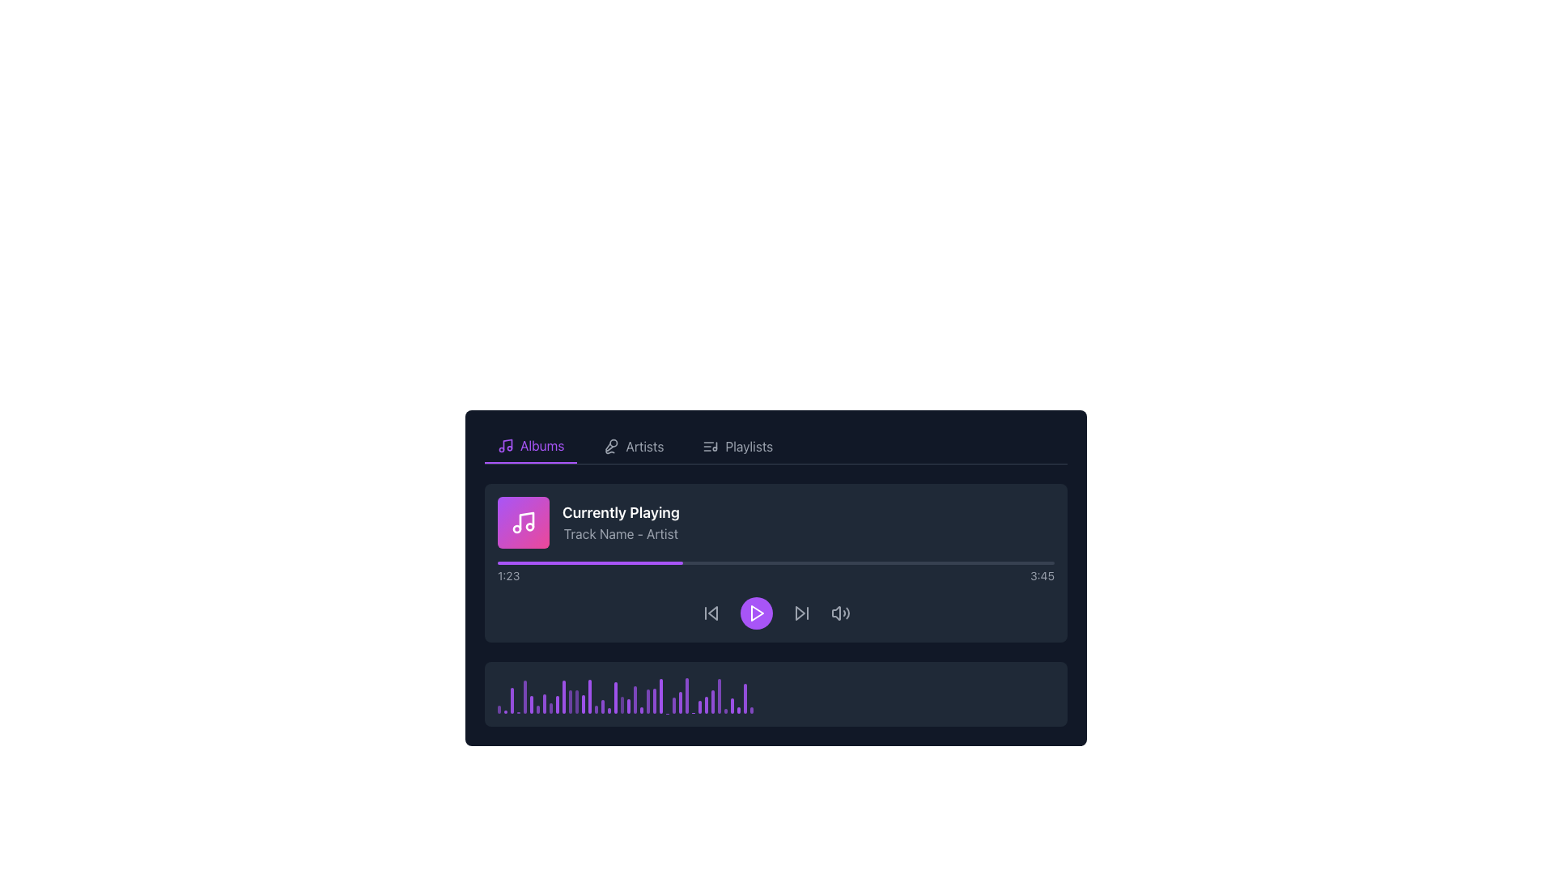  What do you see at coordinates (712, 613) in the screenshot?
I see `the leftmost 'skip back' icon in the playback controls bar` at bounding box center [712, 613].